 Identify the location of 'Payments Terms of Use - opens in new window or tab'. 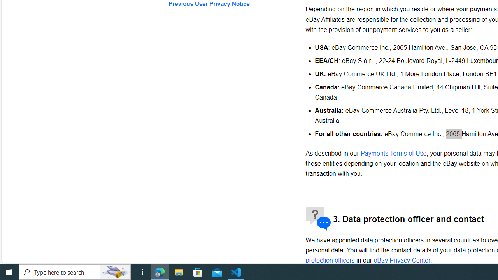
(393, 153).